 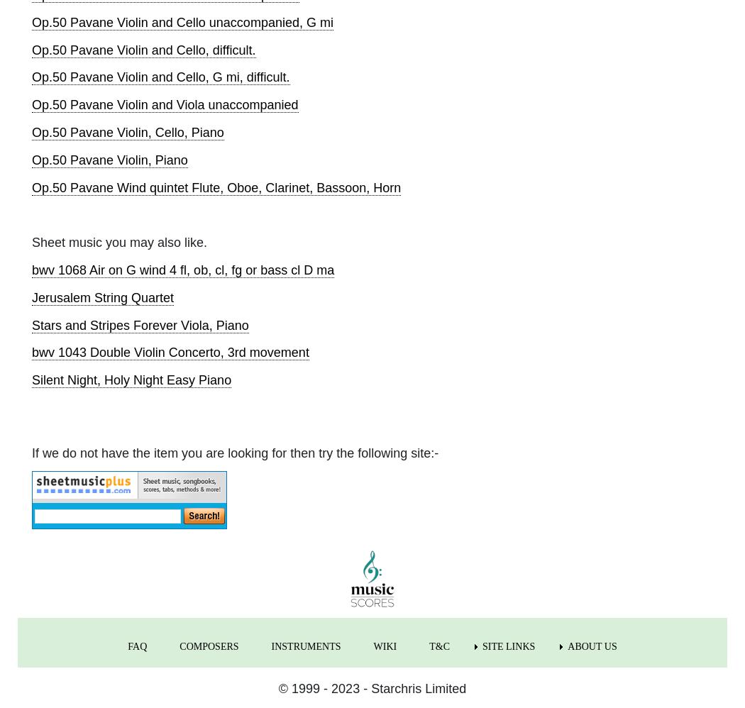 What do you see at coordinates (127, 131) in the screenshot?
I see `'Op.50  Pavane  Violin, Cello, Piano'` at bounding box center [127, 131].